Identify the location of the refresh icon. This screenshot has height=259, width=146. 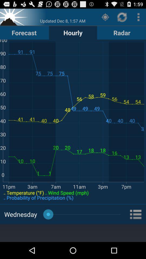
(122, 18).